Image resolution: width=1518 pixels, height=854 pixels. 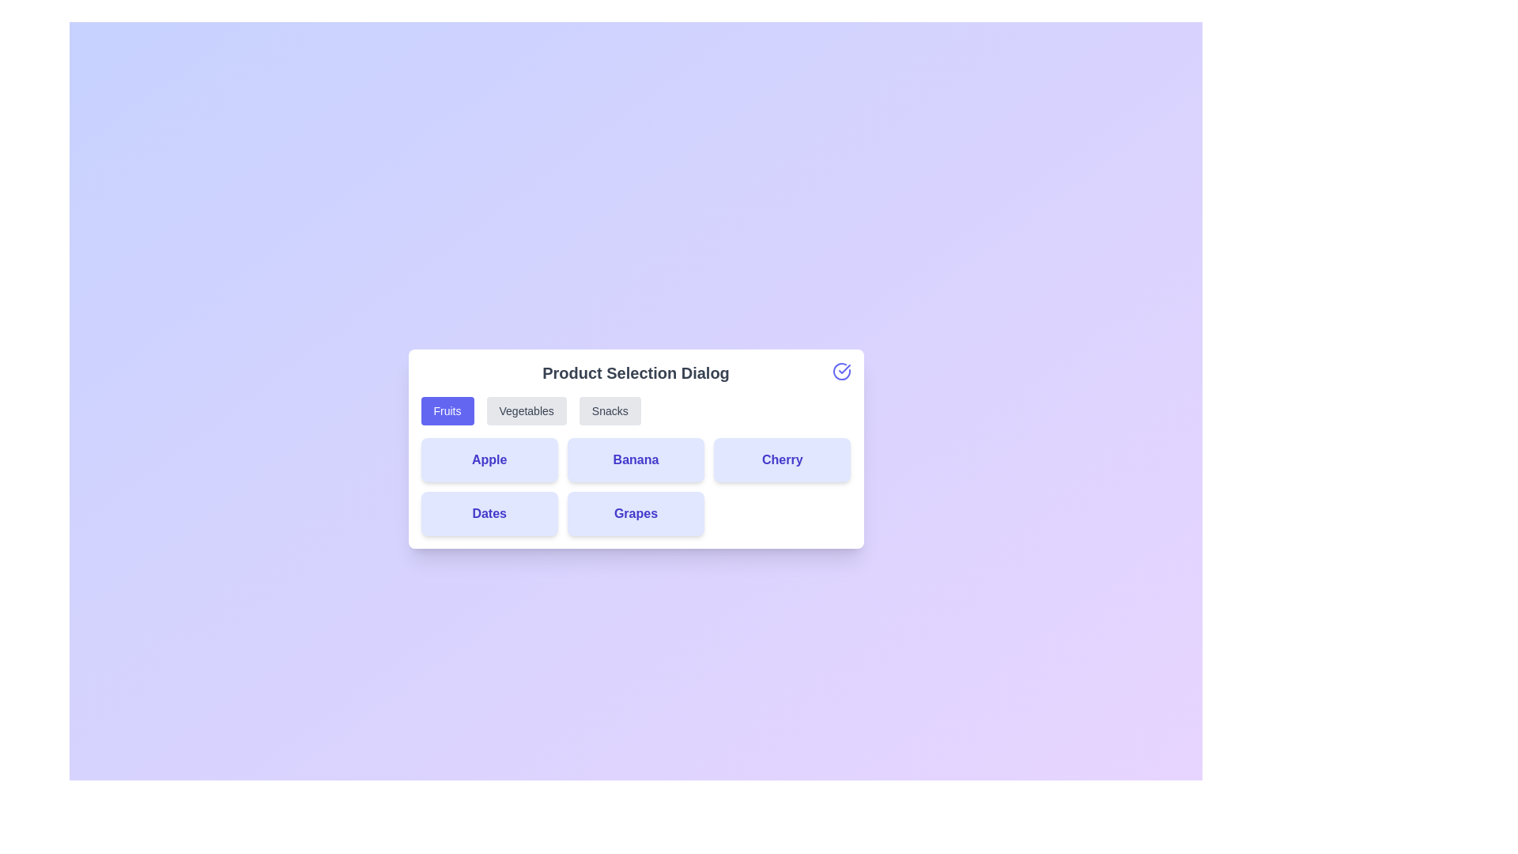 I want to click on the Vegetables category button to switch to that category, so click(x=527, y=410).